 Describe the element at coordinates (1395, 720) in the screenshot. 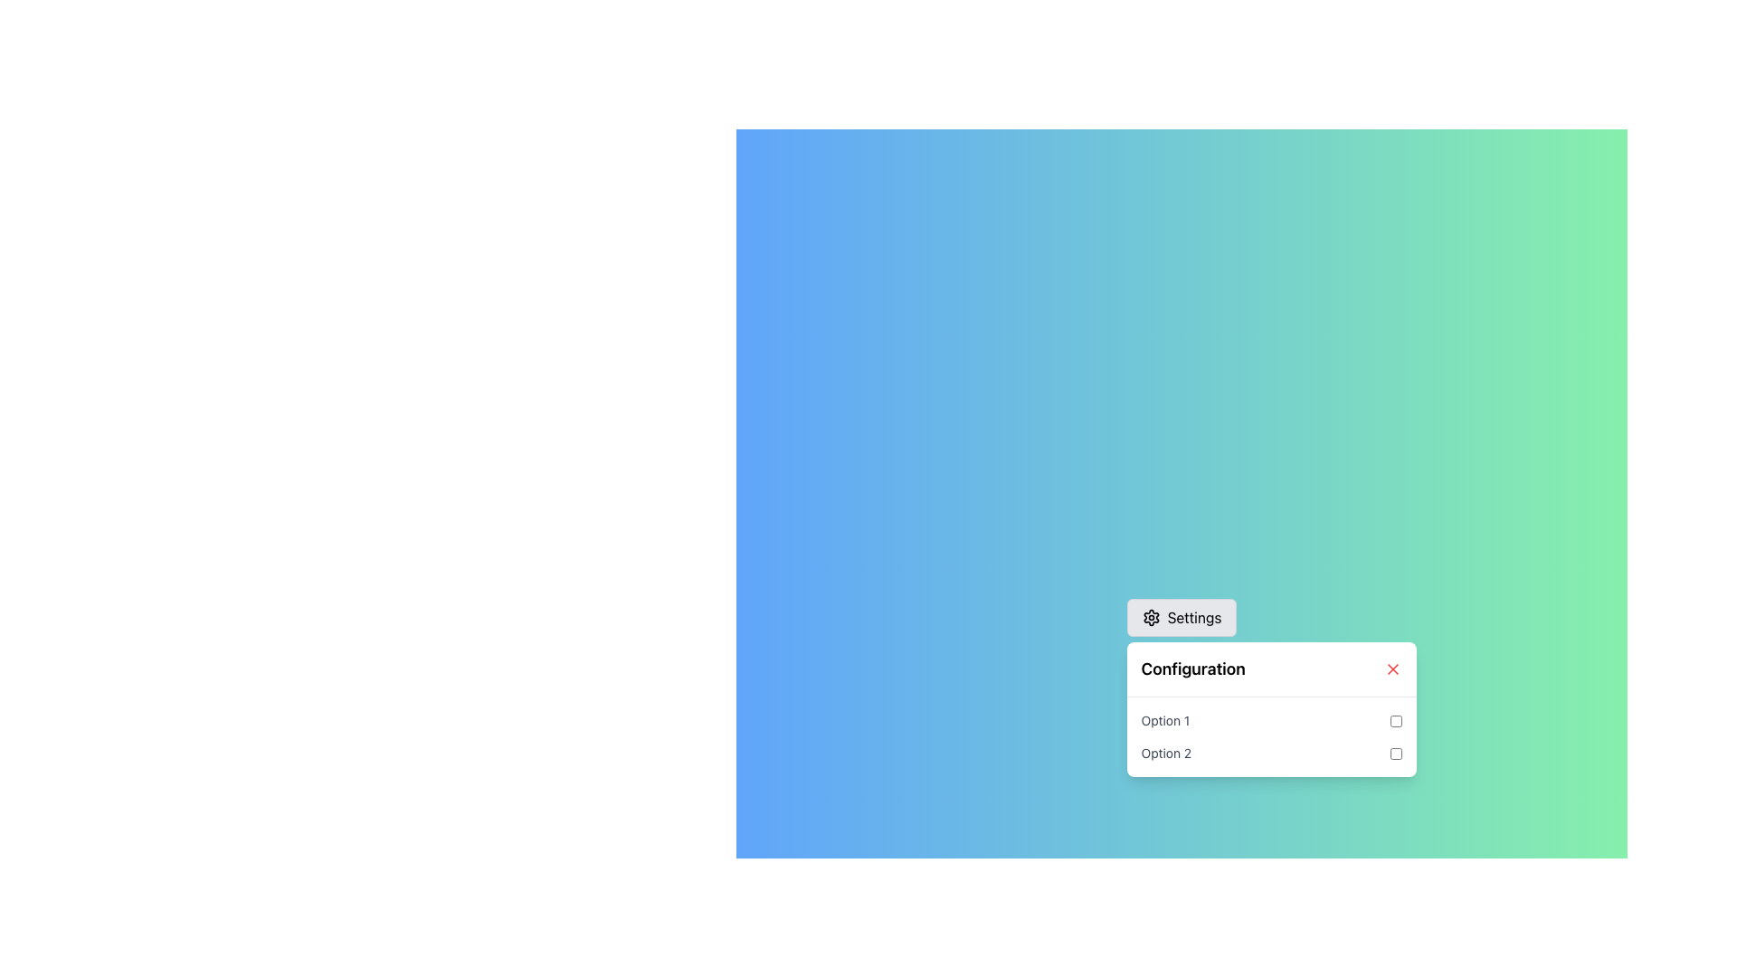

I see `the checkbox styled in a minimal form located within the 'Configuration' panel` at that location.